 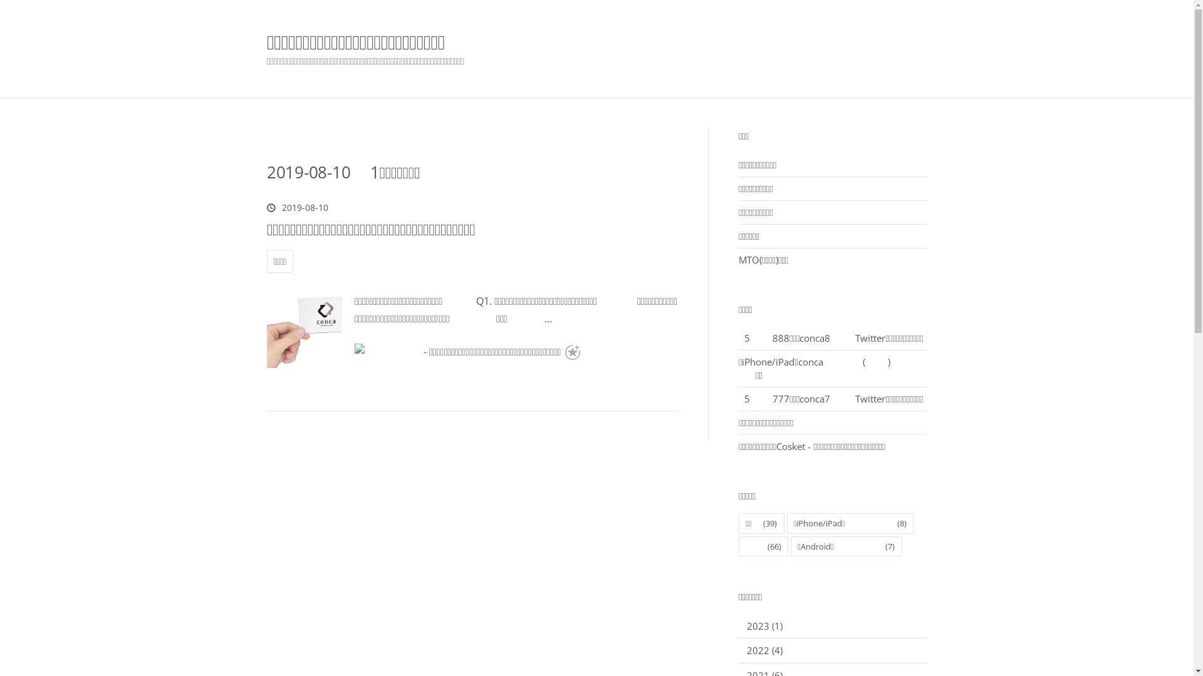 What do you see at coordinates (764, 649) in the screenshot?
I see `'2022 (4)'` at bounding box center [764, 649].